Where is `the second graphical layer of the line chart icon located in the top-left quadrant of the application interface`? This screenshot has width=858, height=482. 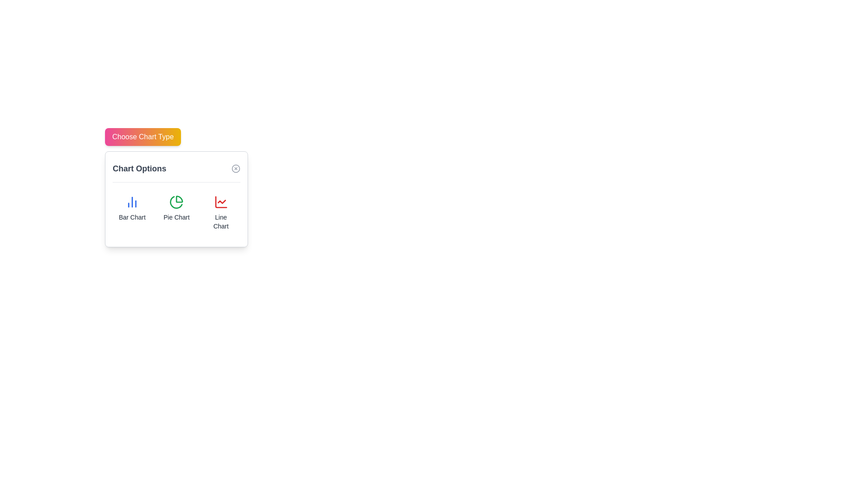
the second graphical layer of the line chart icon located in the top-left quadrant of the application interface is located at coordinates (221, 202).